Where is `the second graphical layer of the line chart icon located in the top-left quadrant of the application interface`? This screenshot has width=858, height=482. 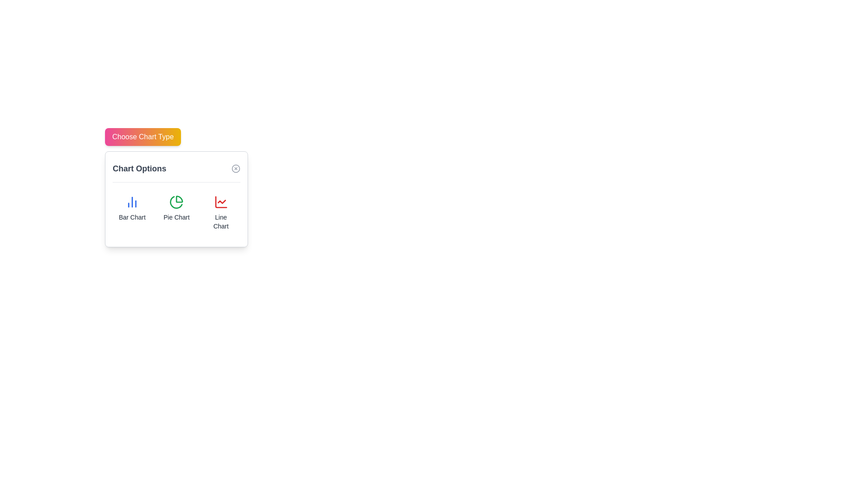
the second graphical layer of the line chart icon located in the top-left quadrant of the application interface is located at coordinates (221, 202).